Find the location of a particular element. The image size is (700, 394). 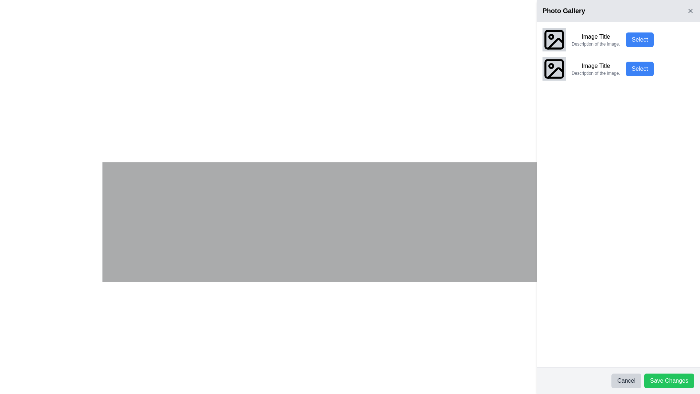

the text block containing 'Image Title' and 'Description of the image' for accessibility is located at coordinates (596, 69).